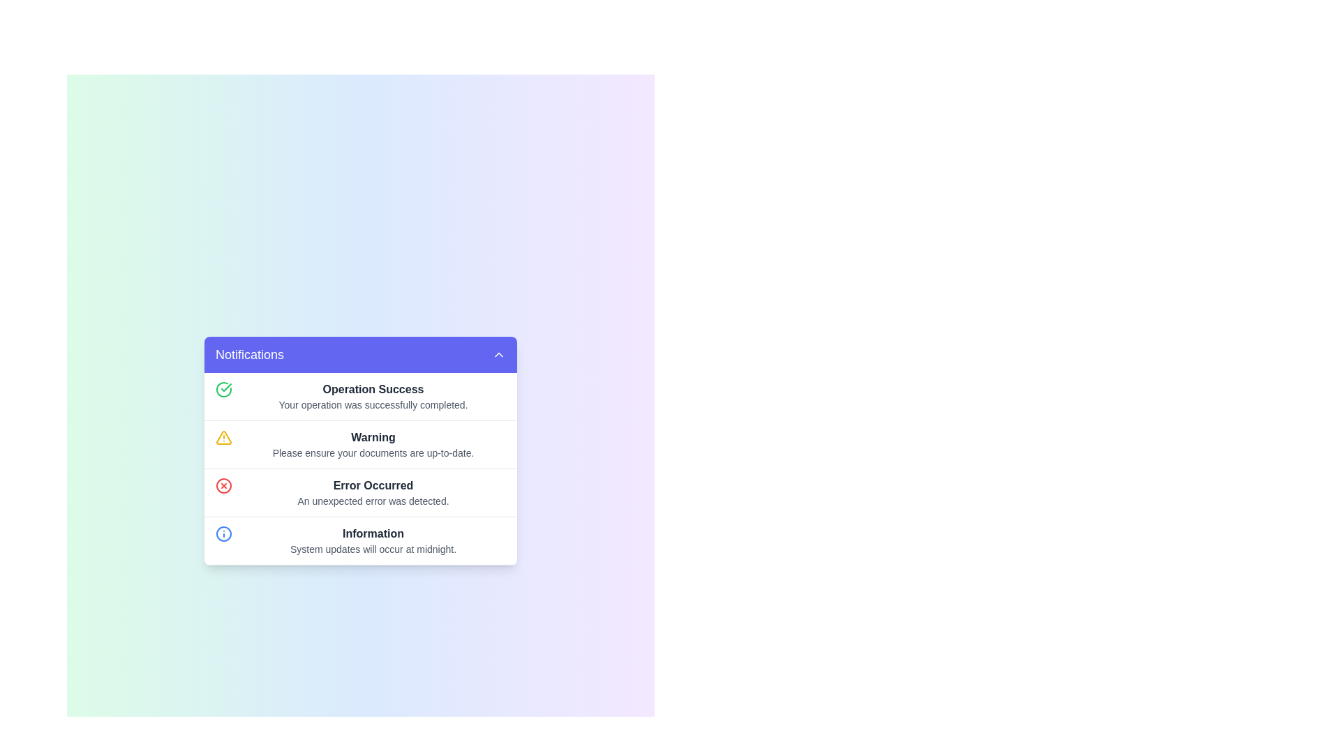 The width and height of the screenshot is (1340, 753). What do you see at coordinates (224, 437) in the screenshot?
I see `the visual warning indicator located in the second position of the notification list under 'Operation Success' and above 'Error Occurred'` at bounding box center [224, 437].